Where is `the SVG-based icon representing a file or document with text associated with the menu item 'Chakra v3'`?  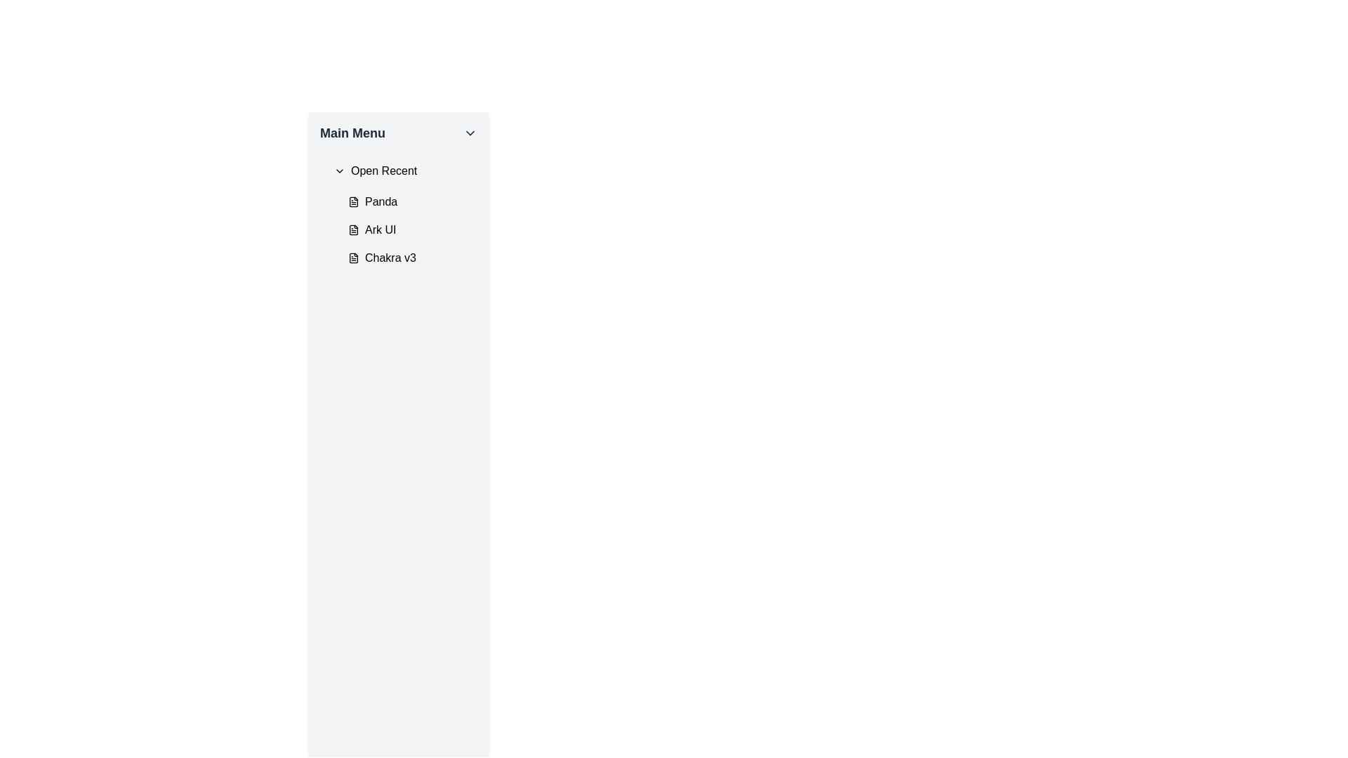
the SVG-based icon representing a file or document with text associated with the menu item 'Chakra v3' is located at coordinates (354, 258).